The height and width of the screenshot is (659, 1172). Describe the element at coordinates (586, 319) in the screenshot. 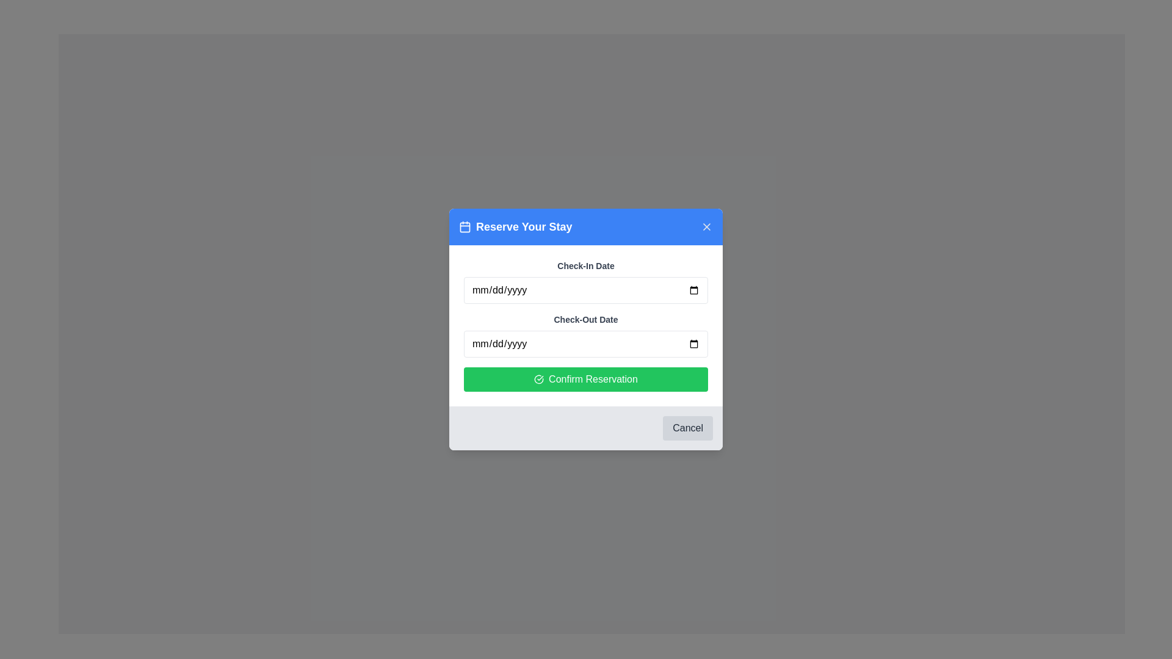

I see `the label that describes the check-out date input field in the 'Reserve Your Stay' modal interface` at that location.